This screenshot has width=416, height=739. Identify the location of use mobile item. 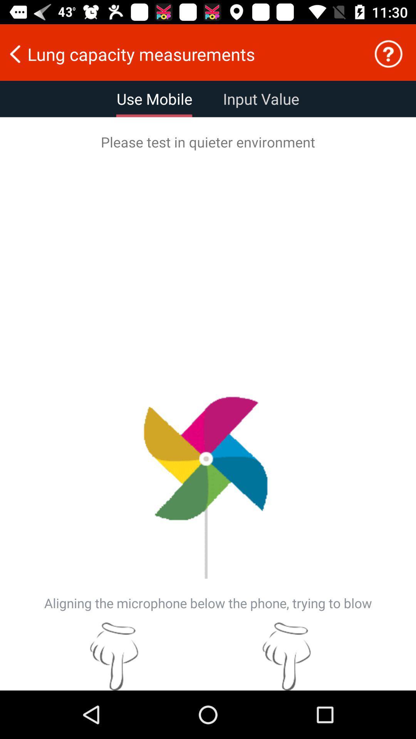
(154, 99).